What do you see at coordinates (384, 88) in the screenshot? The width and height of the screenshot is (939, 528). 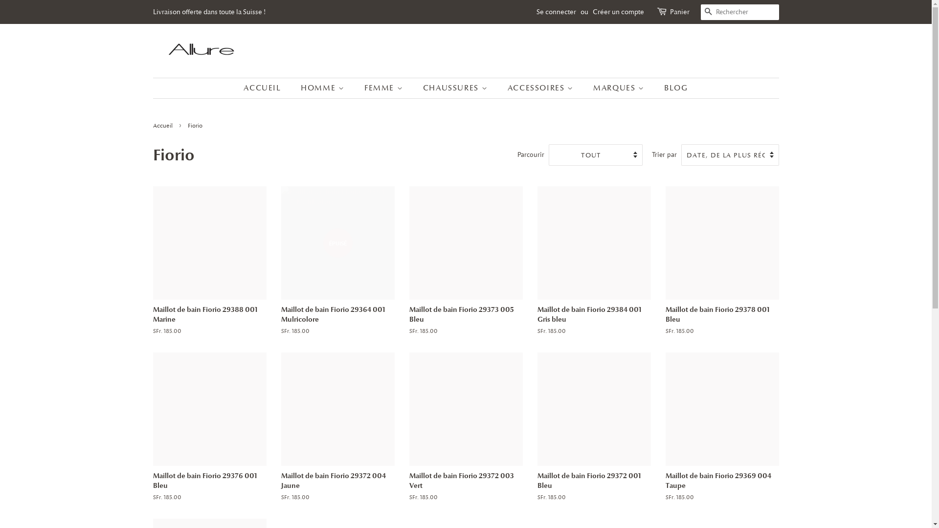 I see `'FEMME'` at bounding box center [384, 88].